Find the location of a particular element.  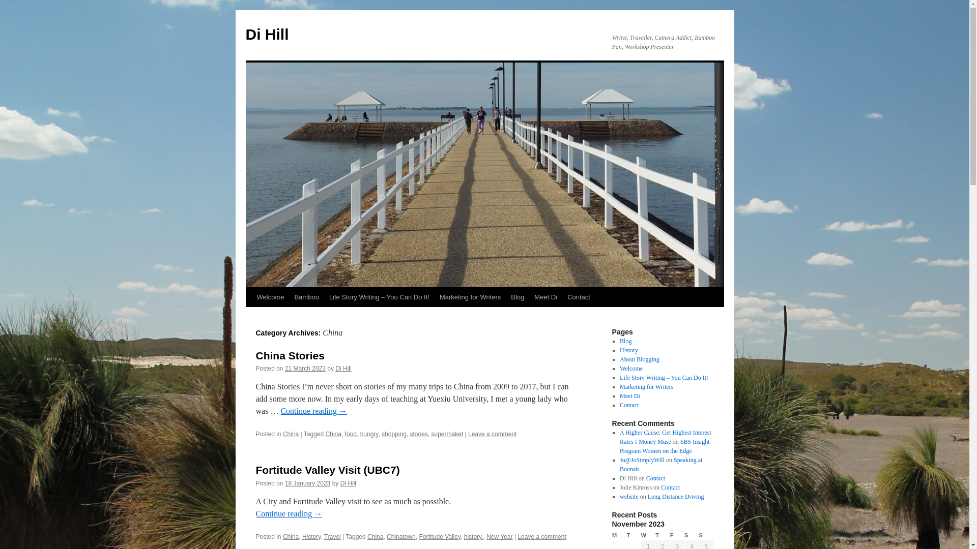

'SBS Insight Program Women on the Edge' is located at coordinates (664, 446).